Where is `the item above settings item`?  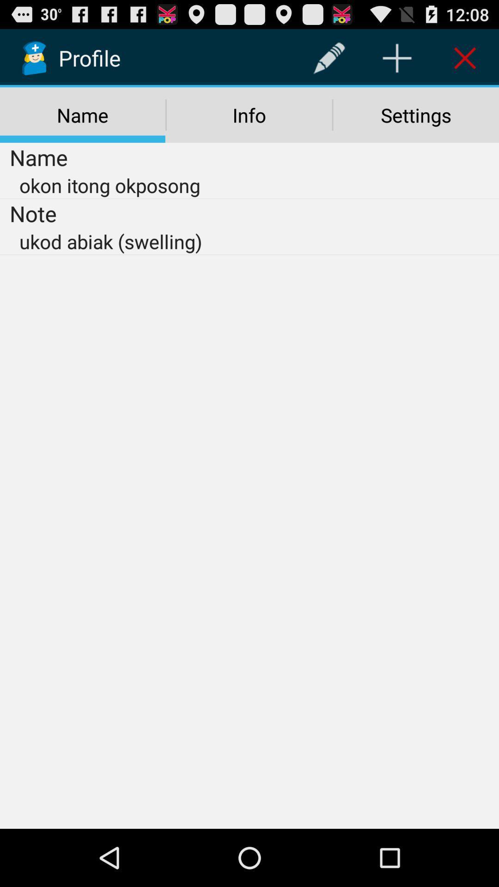
the item above settings item is located at coordinates (465, 57).